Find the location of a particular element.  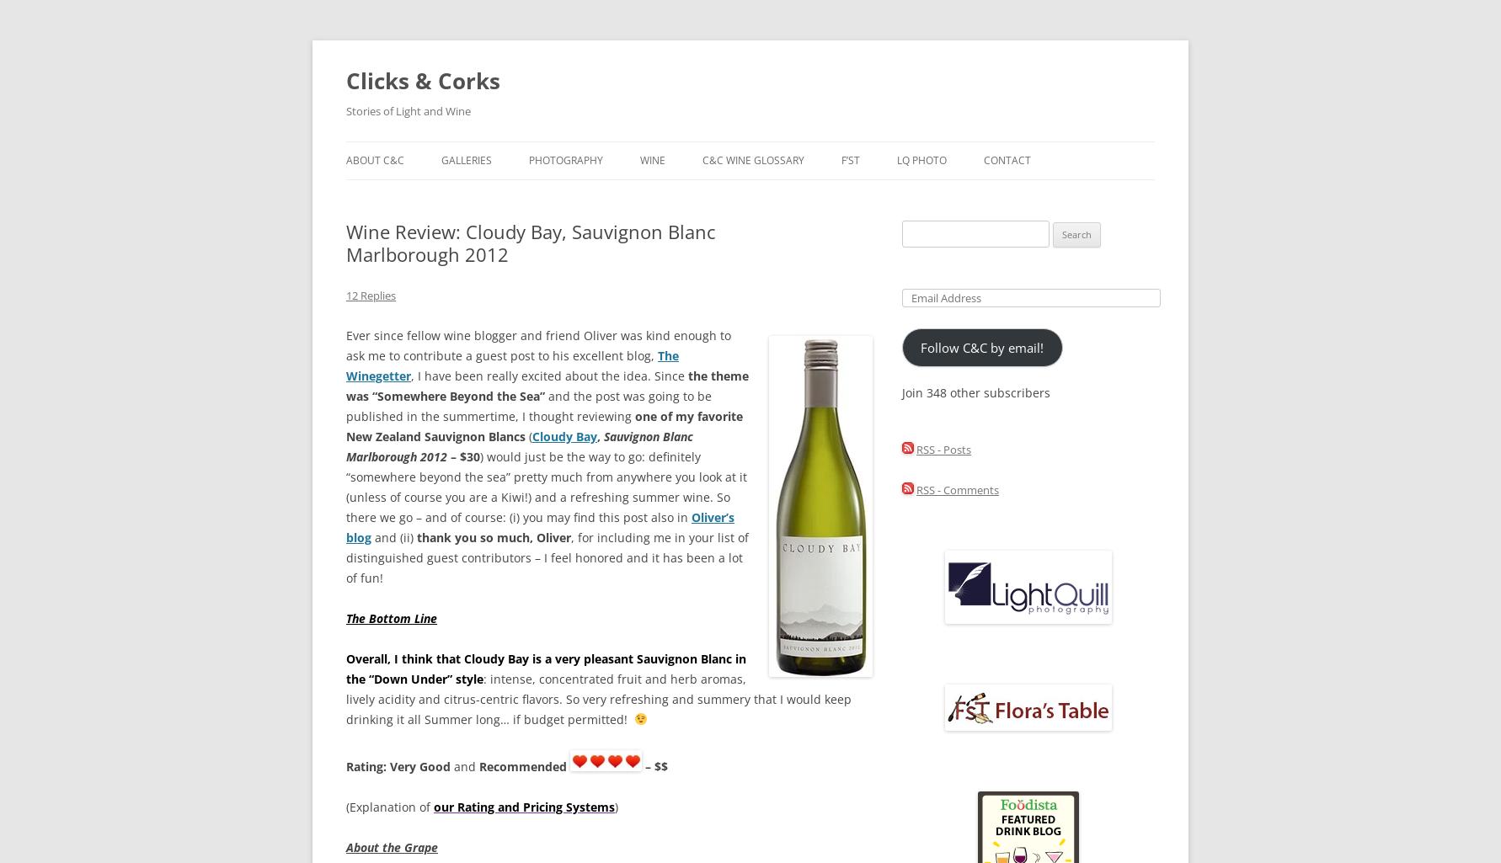

')' is located at coordinates (617, 807).